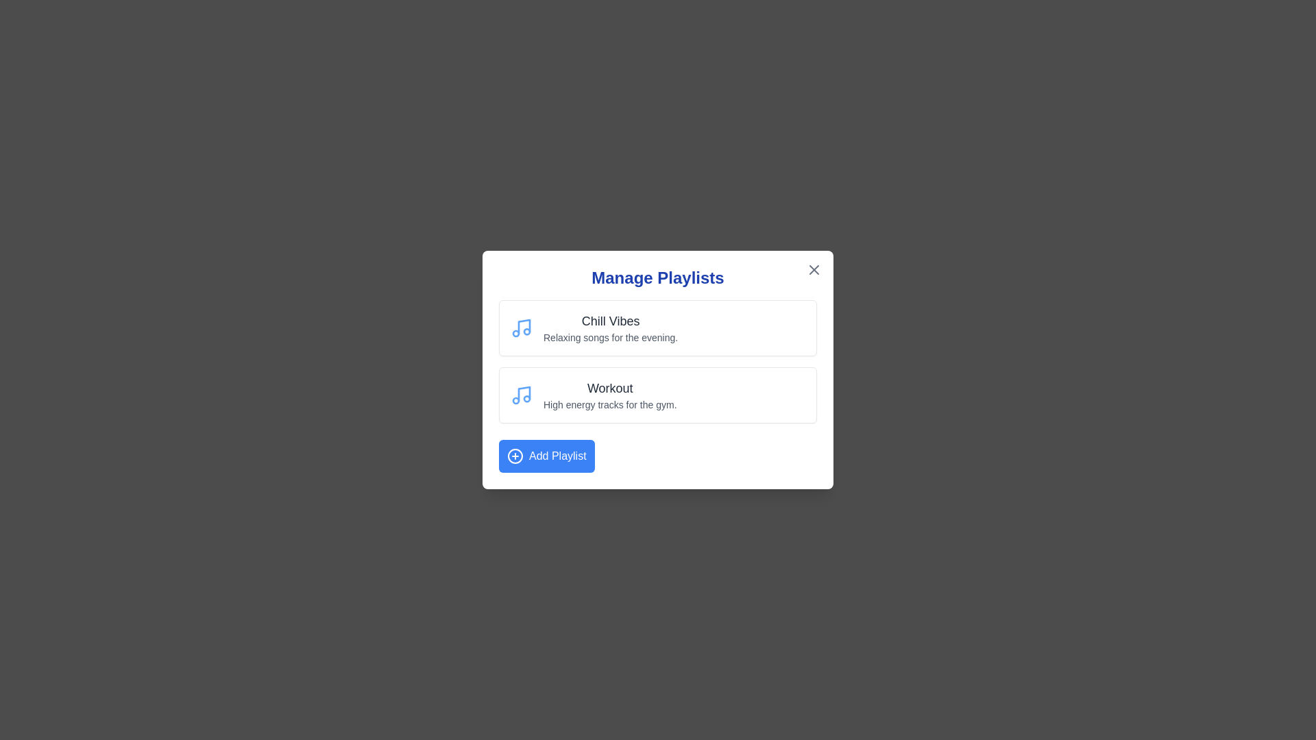  I want to click on the music note icon with a blue outline located on the left side of the 'Workout' playlist item within a card styled with a border and shadow, so click(521, 395).